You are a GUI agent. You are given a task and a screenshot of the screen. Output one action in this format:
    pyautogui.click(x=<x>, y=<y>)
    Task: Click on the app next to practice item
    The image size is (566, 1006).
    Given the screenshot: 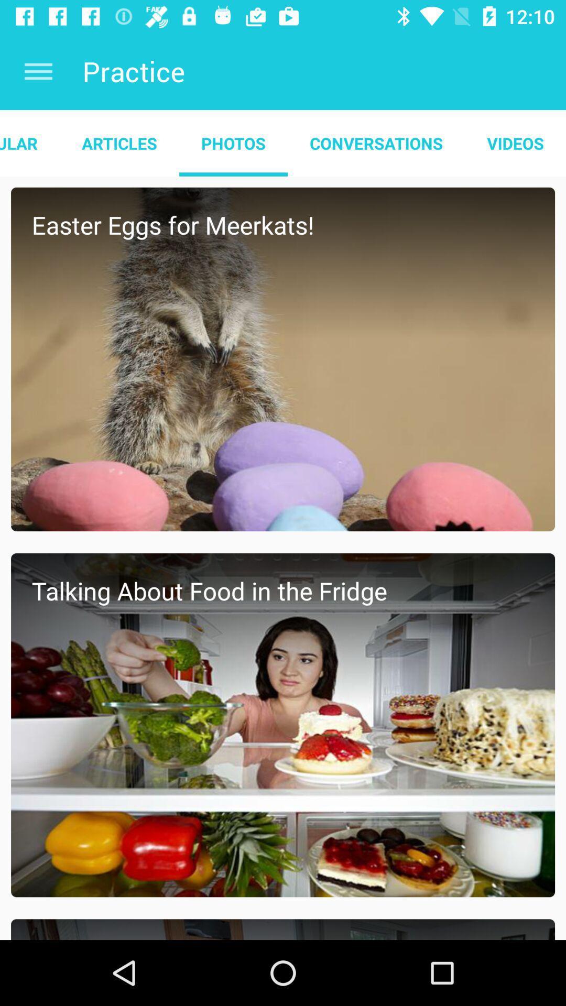 What is the action you would take?
    pyautogui.click(x=38, y=71)
    